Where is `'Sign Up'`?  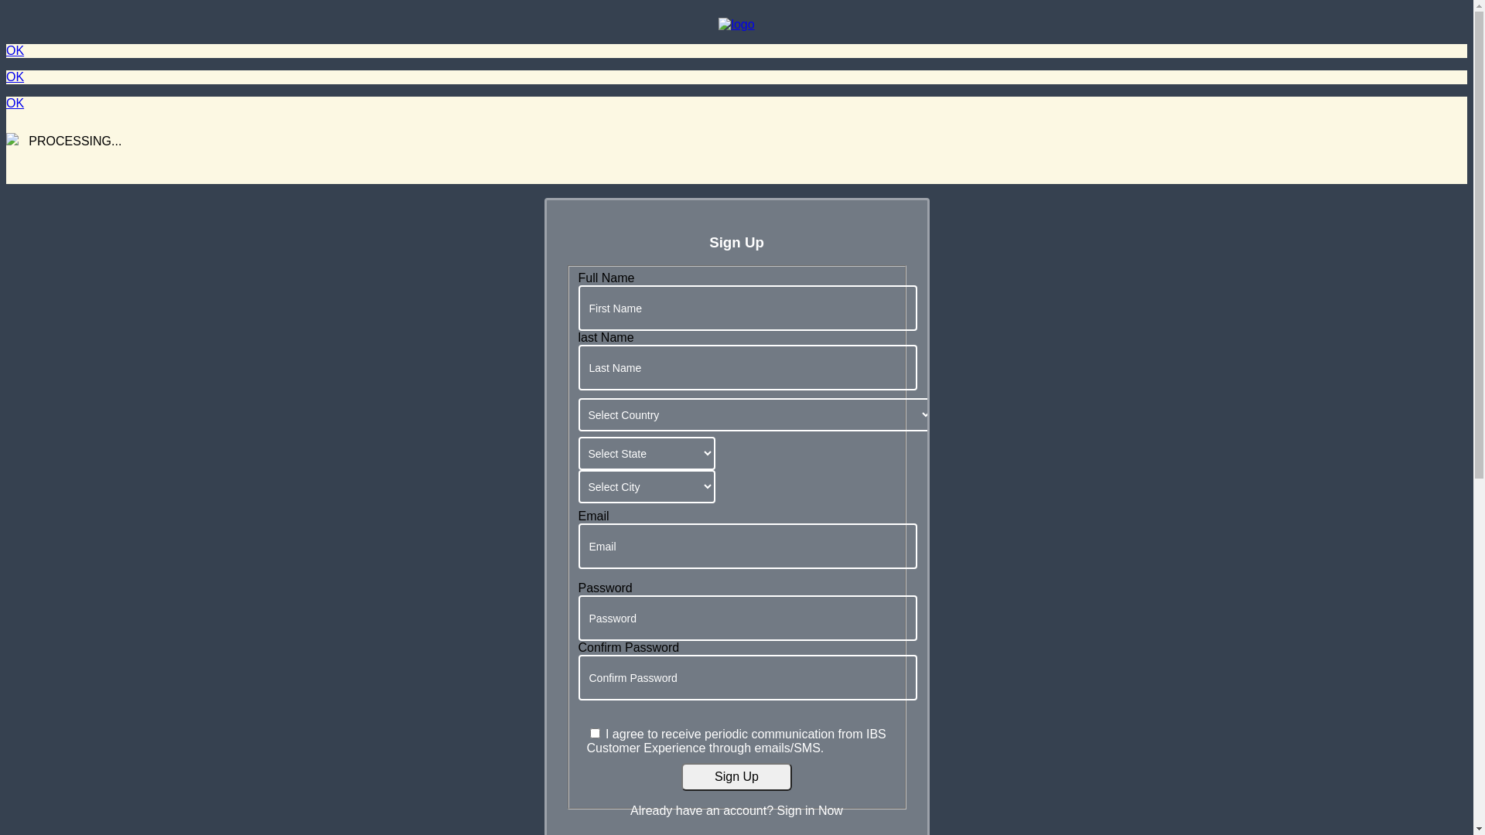 'Sign Up' is located at coordinates (736, 777).